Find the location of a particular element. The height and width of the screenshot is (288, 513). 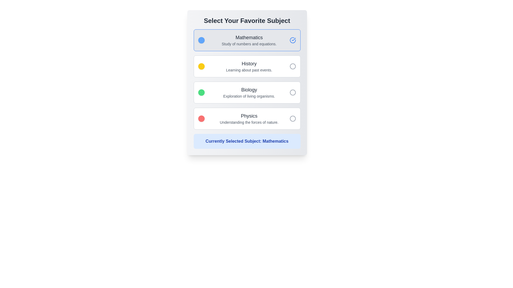

the 'Mathematics' label, which is styled with a larger font size and dark gray color, located within a card-like selection component at the top of a selectable list is located at coordinates (249, 37).